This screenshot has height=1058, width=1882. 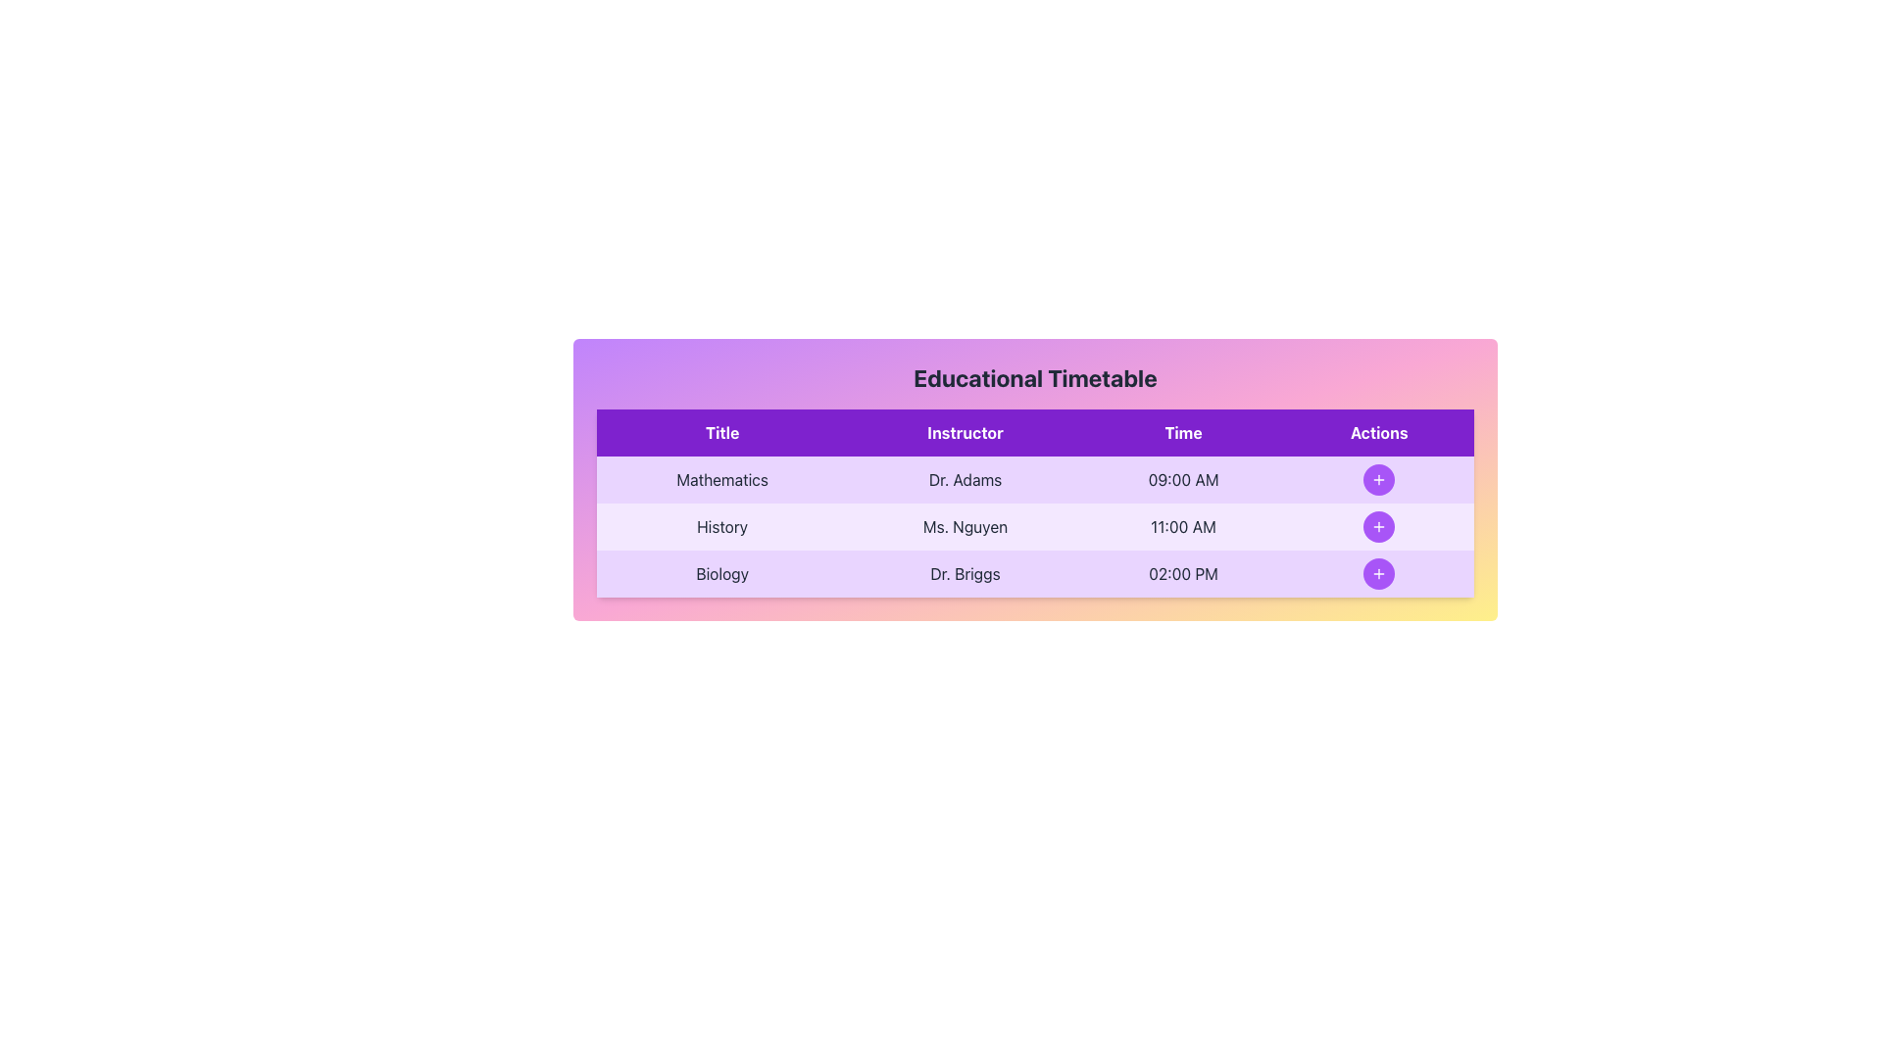 I want to click on the button in the 'Actions' column of the third row associated with the 'Biology' entry in the timetable, so click(x=1378, y=573).